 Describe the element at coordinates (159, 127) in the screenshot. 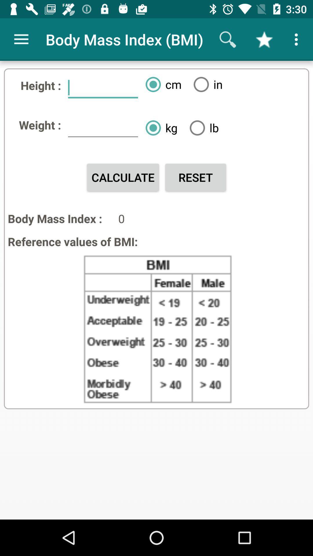

I see `kg` at that location.